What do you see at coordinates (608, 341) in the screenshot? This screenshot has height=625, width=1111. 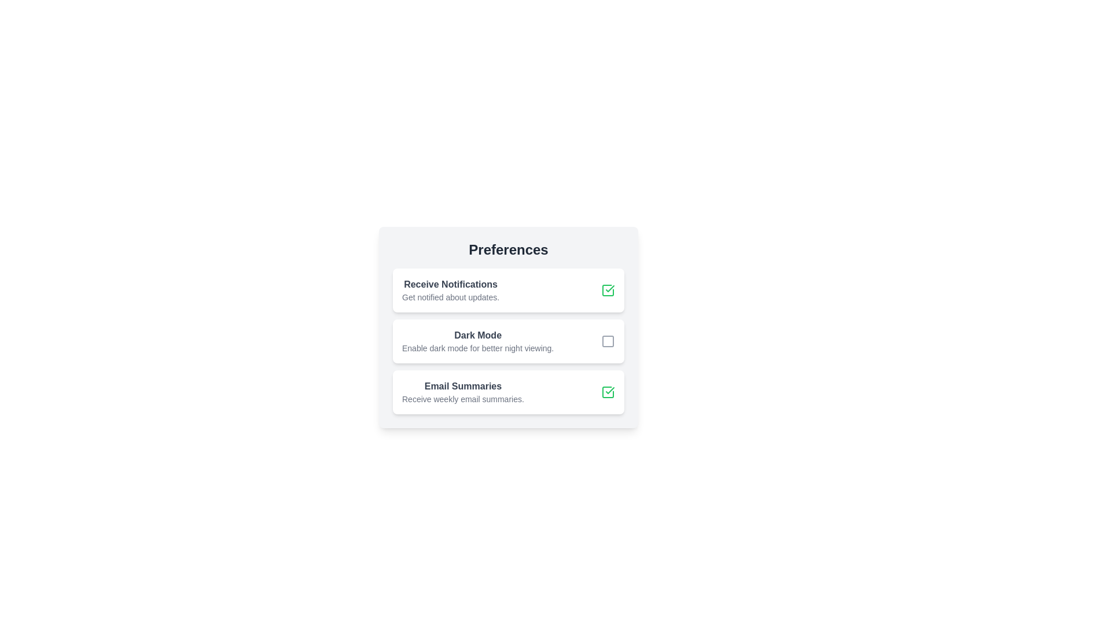 I see `the checkbox located in the top-right corner of the 'Dark Mode' setting option` at bounding box center [608, 341].